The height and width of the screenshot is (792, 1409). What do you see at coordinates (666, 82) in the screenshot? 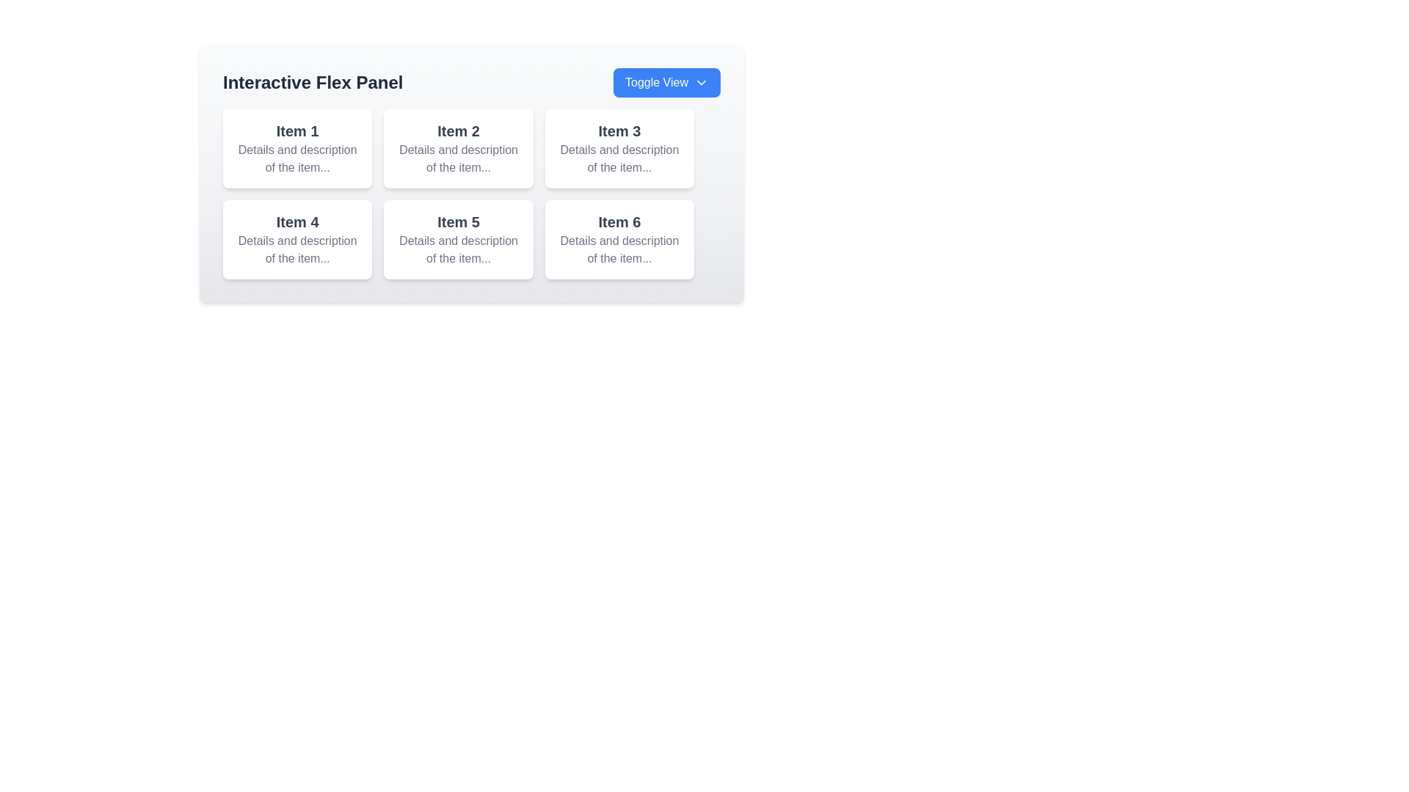
I see `the toggle button located in the top-right section of the 'Interactive Flex Panel' header to change the view or display related options` at bounding box center [666, 82].